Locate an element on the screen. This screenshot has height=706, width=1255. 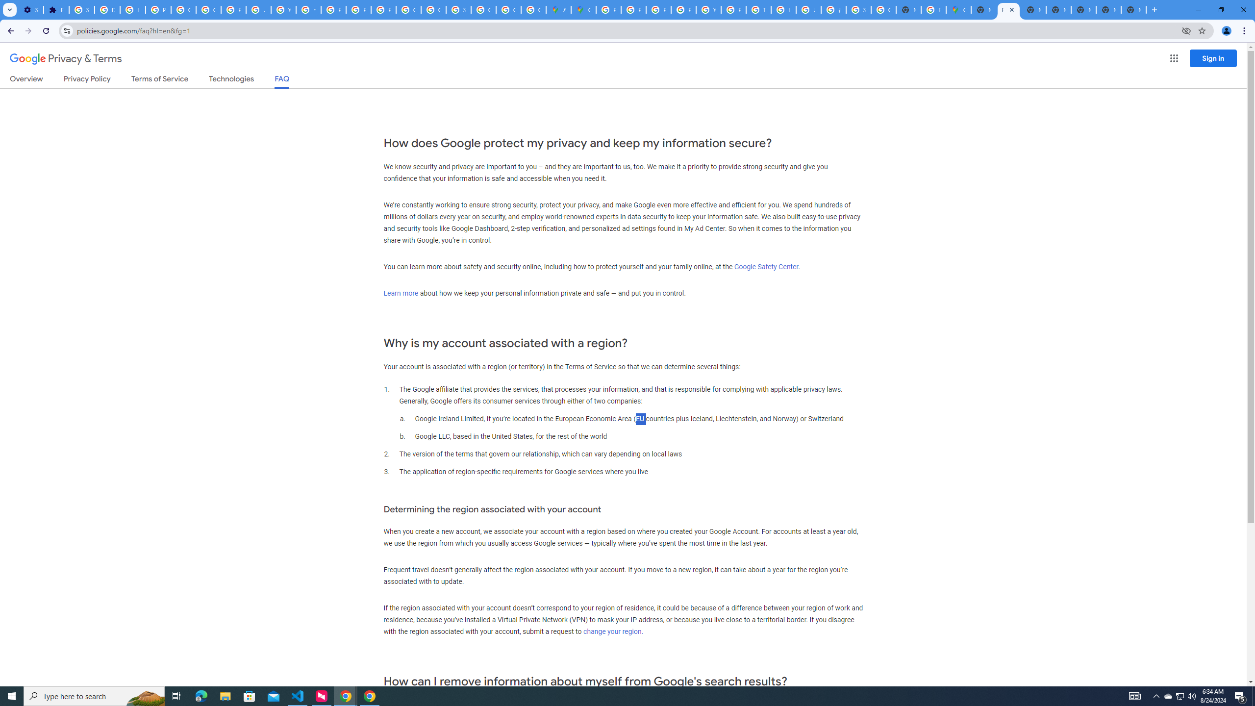
'Policy Accountability and Transparency - Transparency Center' is located at coordinates (607, 9).